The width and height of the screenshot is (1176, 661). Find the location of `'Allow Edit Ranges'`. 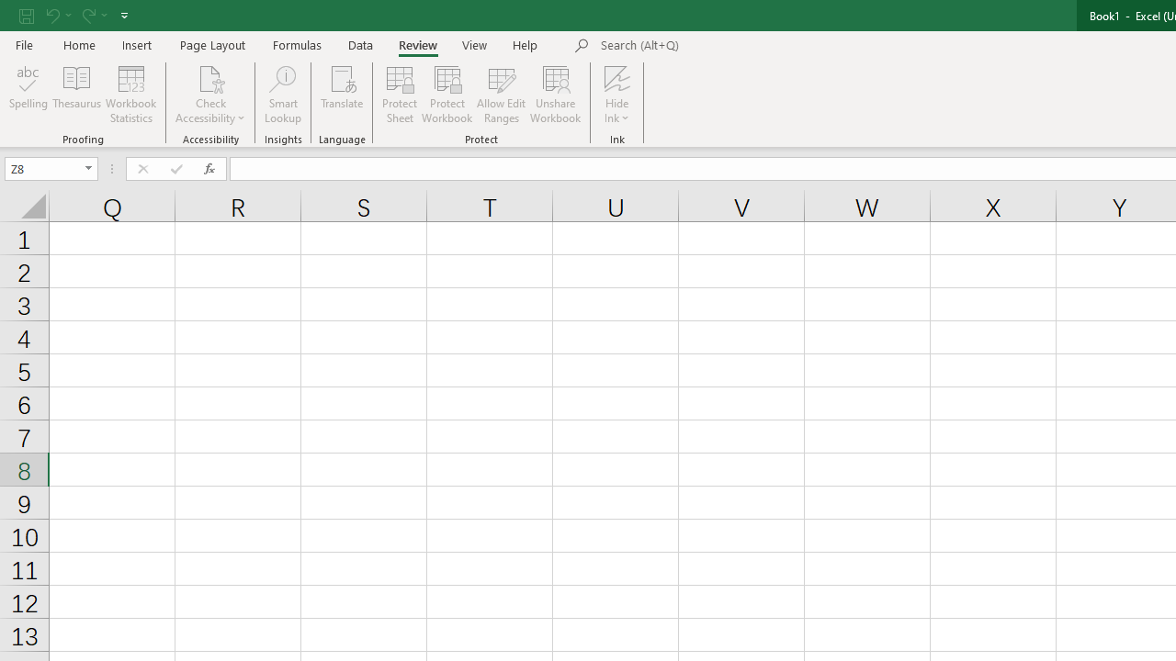

'Allow Edit Ranges' is located at coordinates (501, 95).